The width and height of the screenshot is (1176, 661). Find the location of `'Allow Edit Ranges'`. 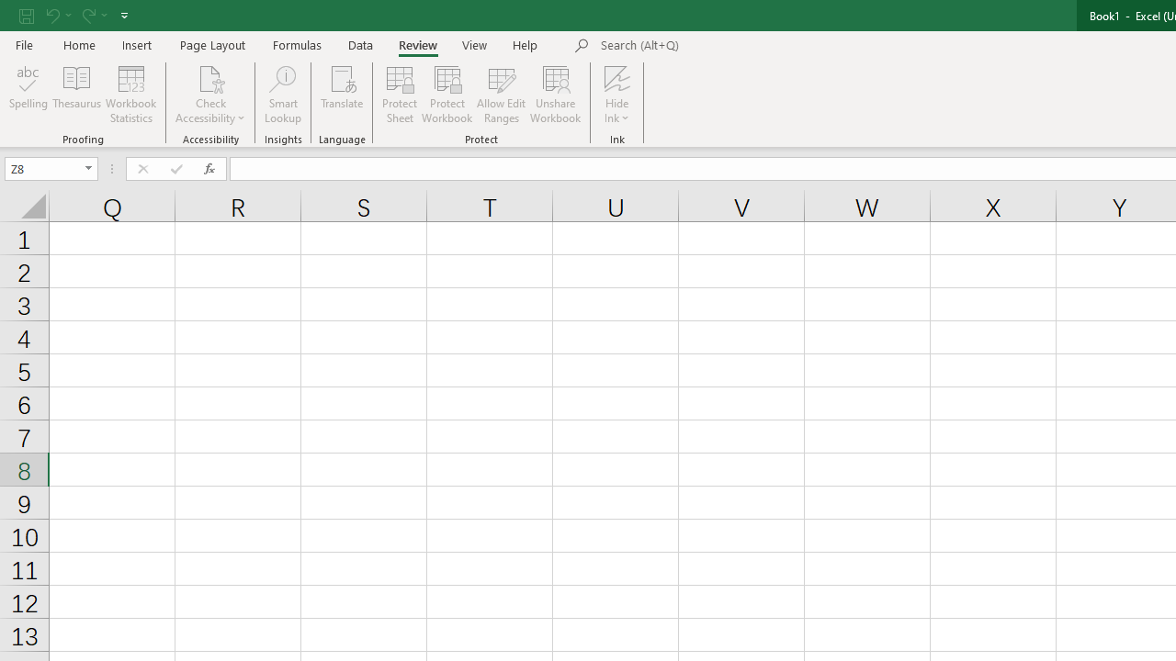

'Allow Edit Ranges' is located at coordinates (501, 95).